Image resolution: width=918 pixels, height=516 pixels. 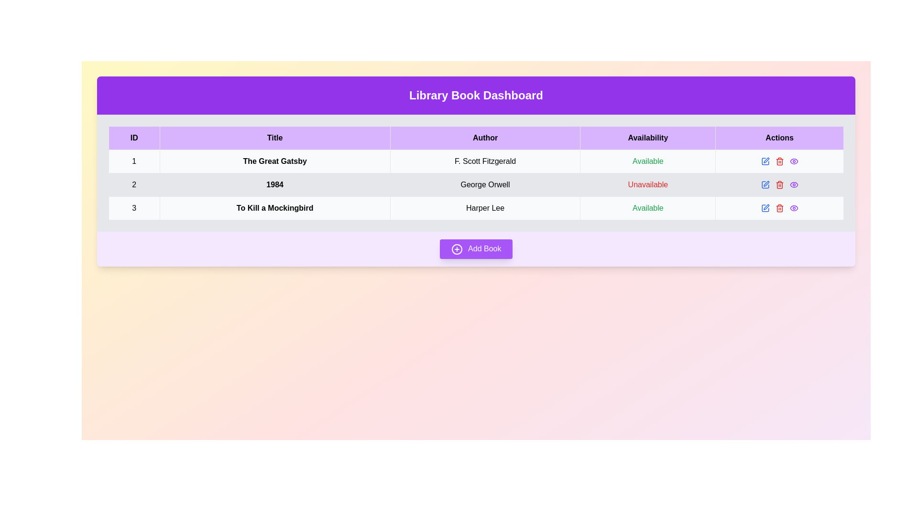 I want to click on text label indicating the availability status of the book 'The Great Gatsby' located in the Availability column of the table, so click(x=648, y=161).